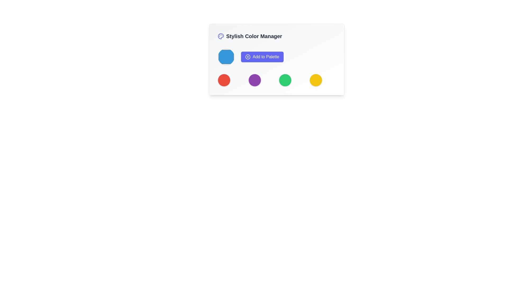 This screenshot has height=286, width=508. Describe the element at coordinates (224, 80) in the screenshot. I see `the red color button located in the top right corner of the application interface` at that location.